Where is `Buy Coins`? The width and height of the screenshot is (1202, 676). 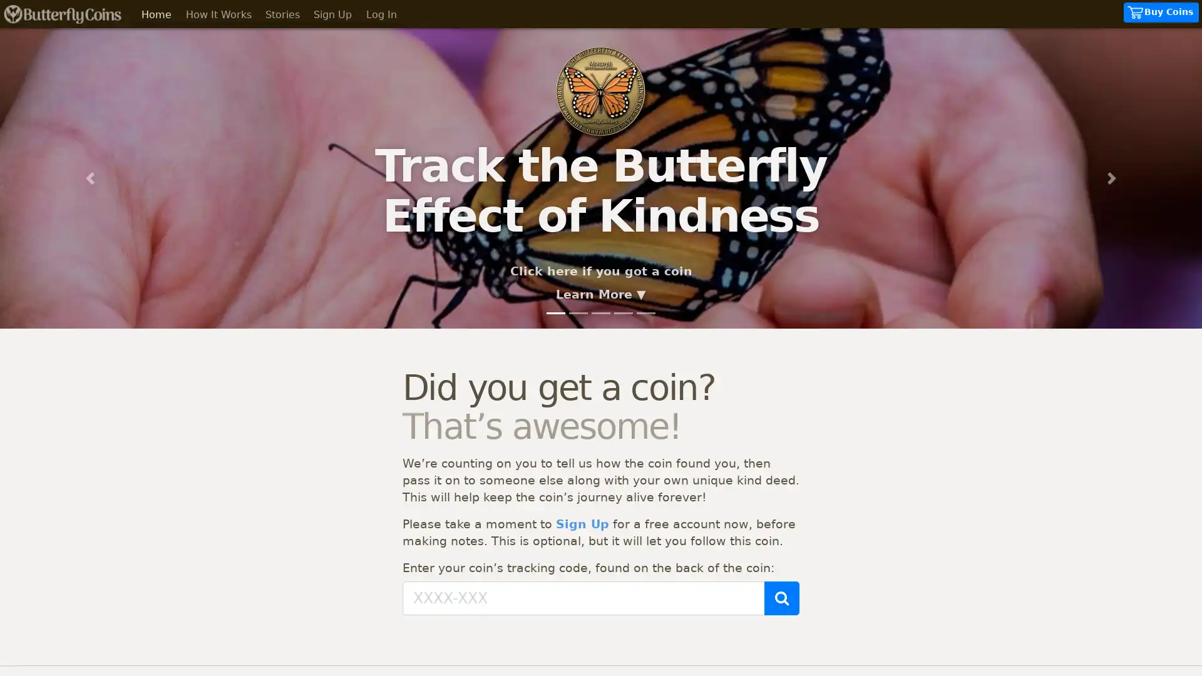
Buy Coins is located at coordinates (1160, 12).